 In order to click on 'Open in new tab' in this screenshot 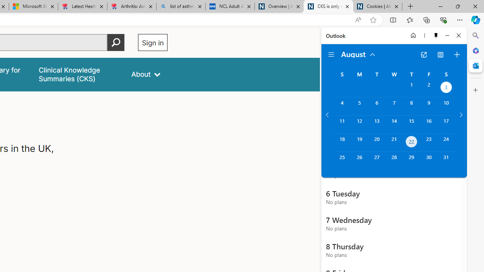, I will do `click(423, 54)`.